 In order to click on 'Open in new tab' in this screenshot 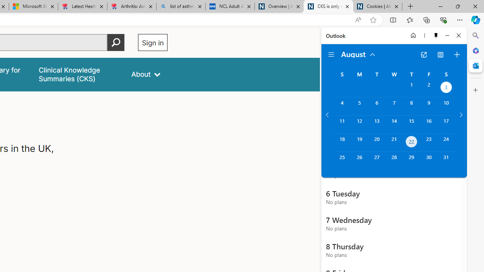, I will do `click(423, 54)`.